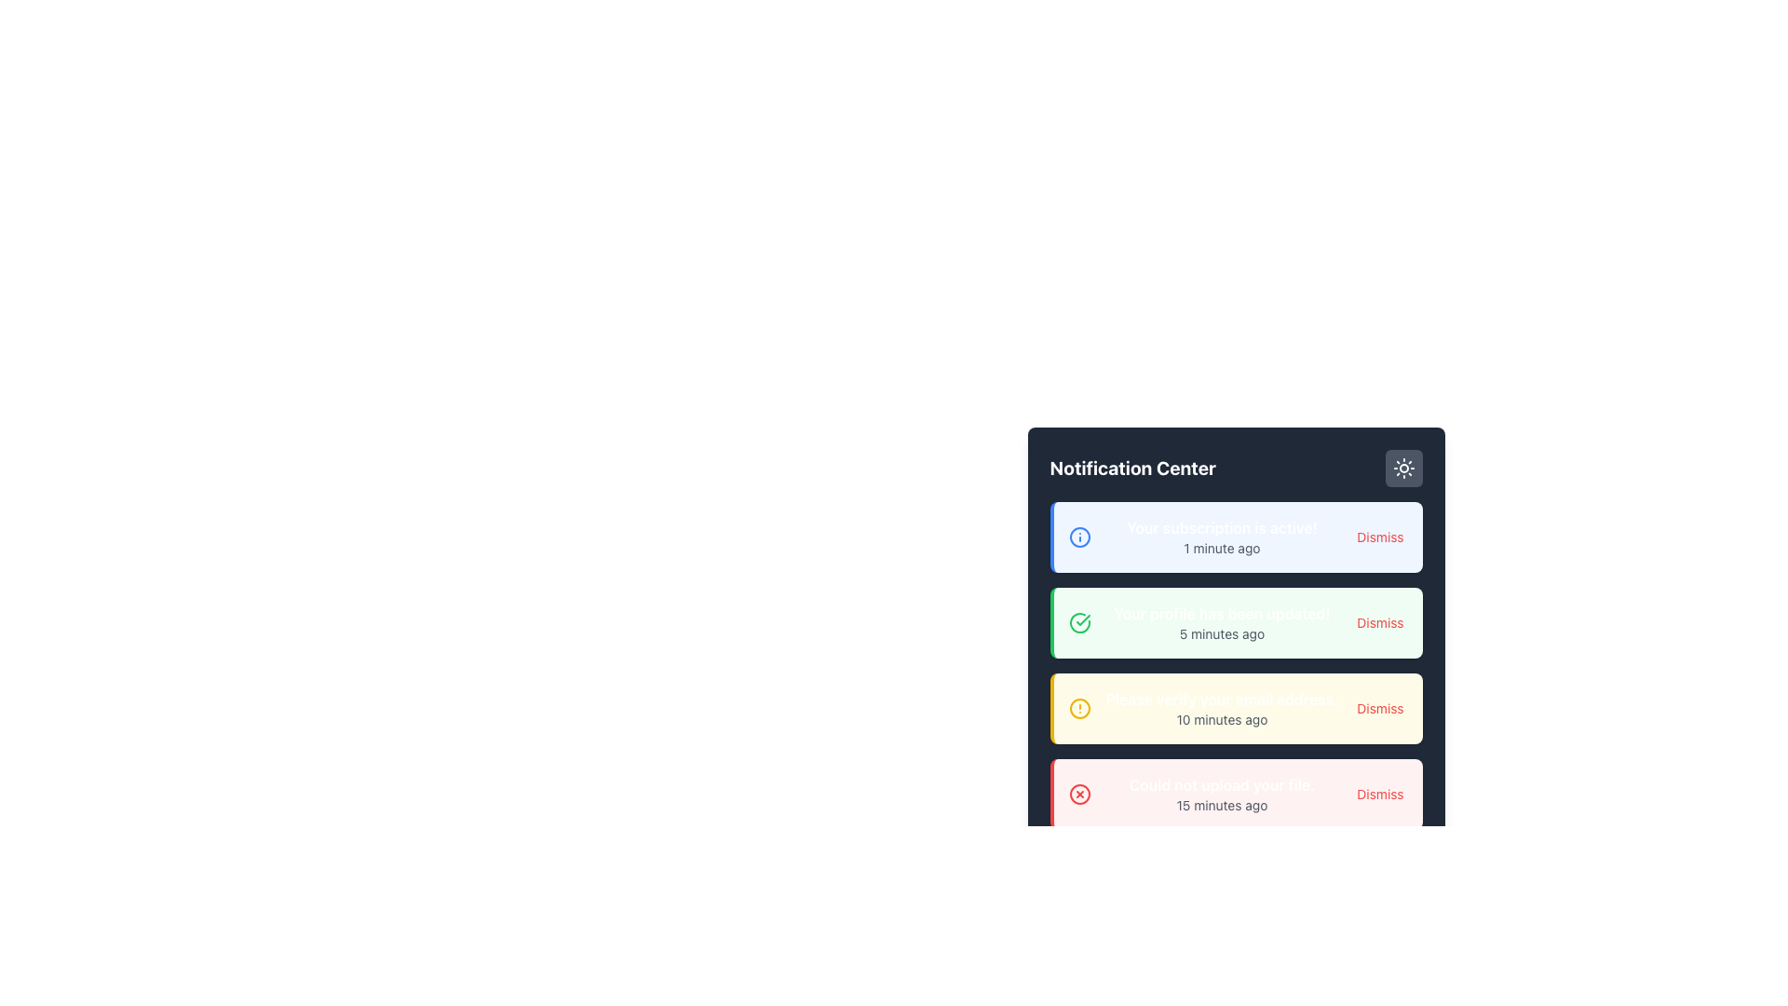 The image size is (1788, 1006). Describe the element at coordinates (1222, 718) in the screenshot. I see `the timestamp text label that reads '10 minutes ago', located in the third notification card beneath 'Please verify your email address'` at that location.